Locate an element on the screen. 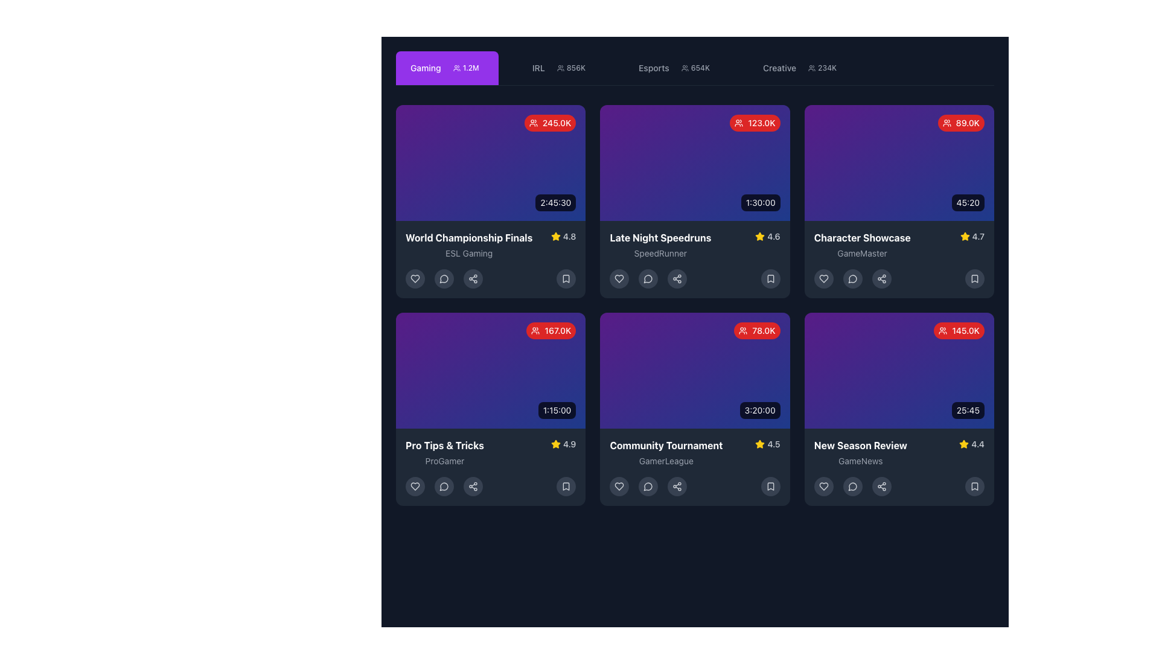 This screenshot has width=1159, height=652. the monochromatic bookmark icon located at the bottom right corner of the 'Character Showcase' card to see bookmark options is located at coordinates (974, 279).